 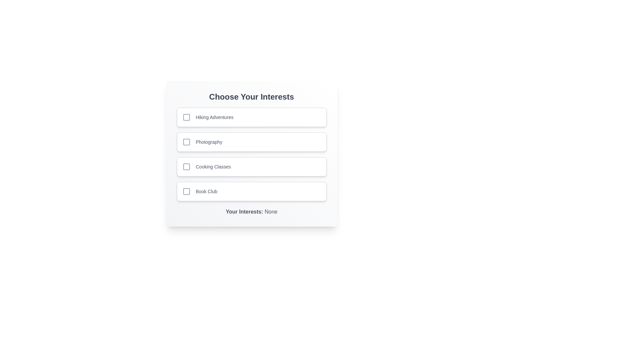 What do you see at coordinates (251, 117) in the screenshot?
I see `the first selectable list item labeled 'Hiking Adventures' which contains a checkbox` at bounding box center [251, 117].